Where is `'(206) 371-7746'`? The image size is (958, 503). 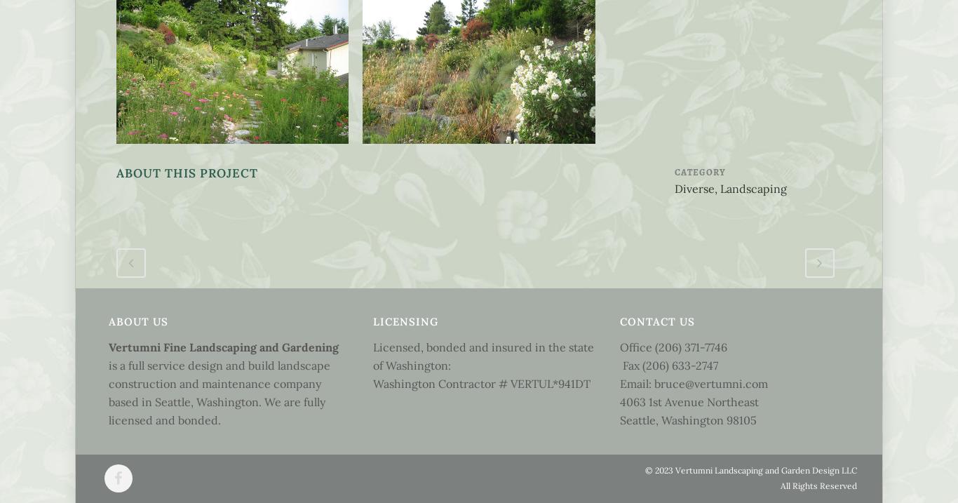
'(206) 371-7746' is located at coordinates (691, 346).